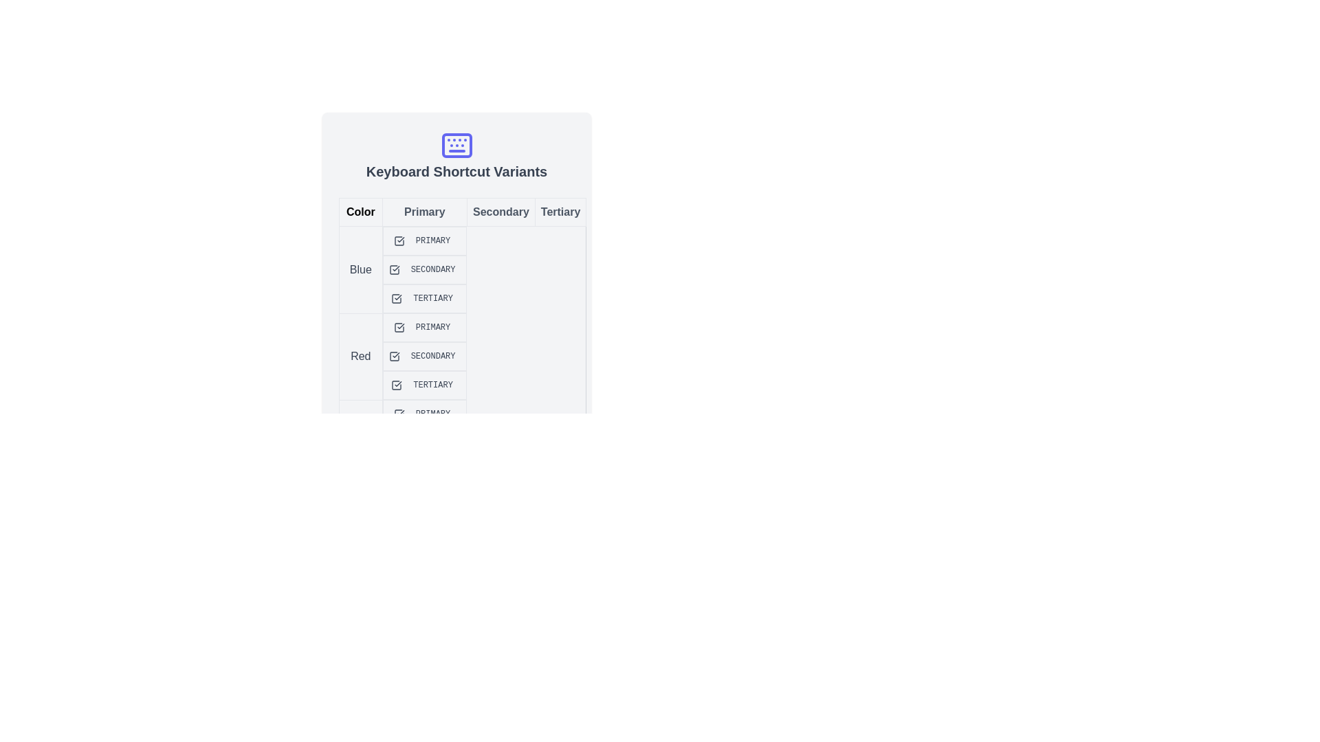 The image size is (1320, 742). I want to click on the header with the icon that introduces 'Keyboard Shortcut Variants', located at the top-center of a card-like widget, so click(456, 155).